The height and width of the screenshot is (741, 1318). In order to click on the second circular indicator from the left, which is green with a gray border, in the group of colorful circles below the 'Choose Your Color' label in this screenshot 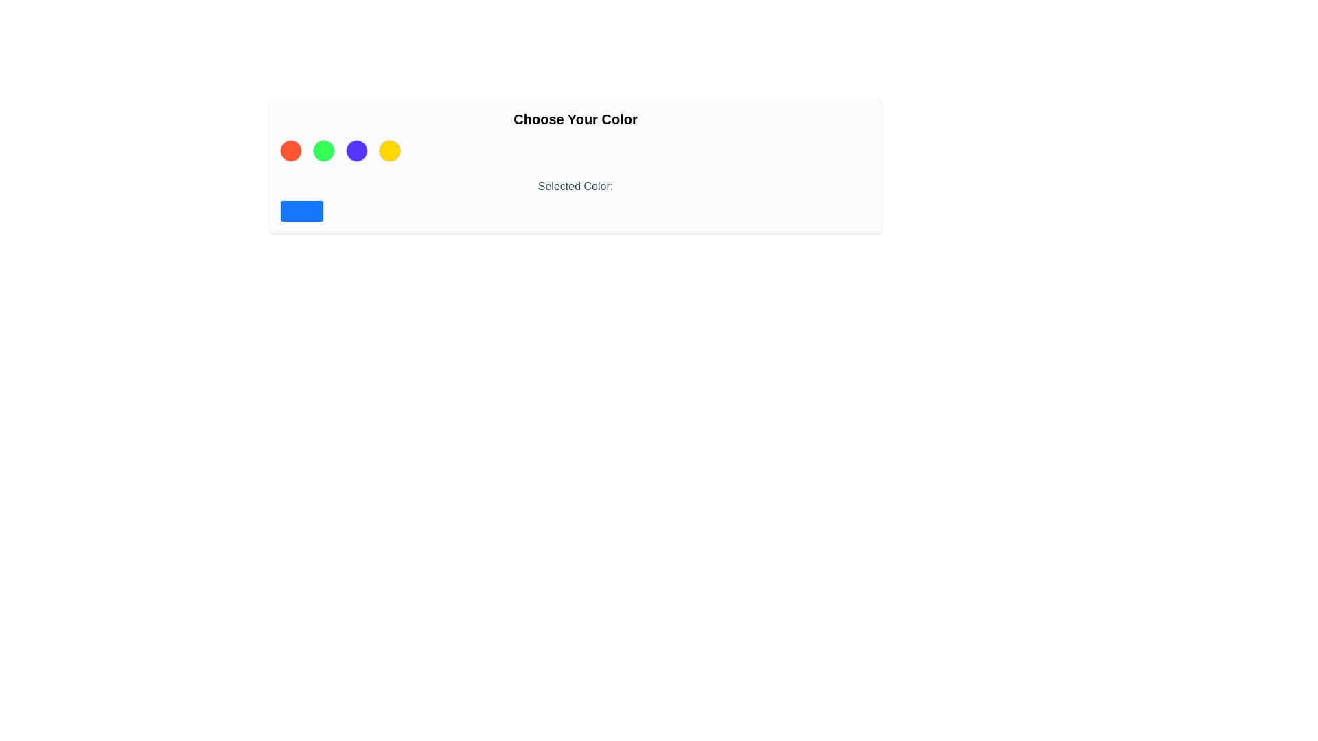, I will do `click(323, 150)`.